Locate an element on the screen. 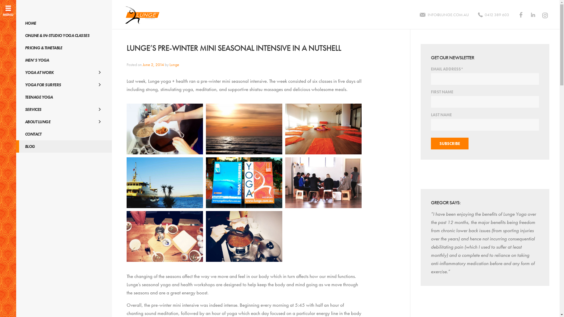 This screenshot has width=564, height=317. 'Subscribe' is located at coordinates (431, 144).